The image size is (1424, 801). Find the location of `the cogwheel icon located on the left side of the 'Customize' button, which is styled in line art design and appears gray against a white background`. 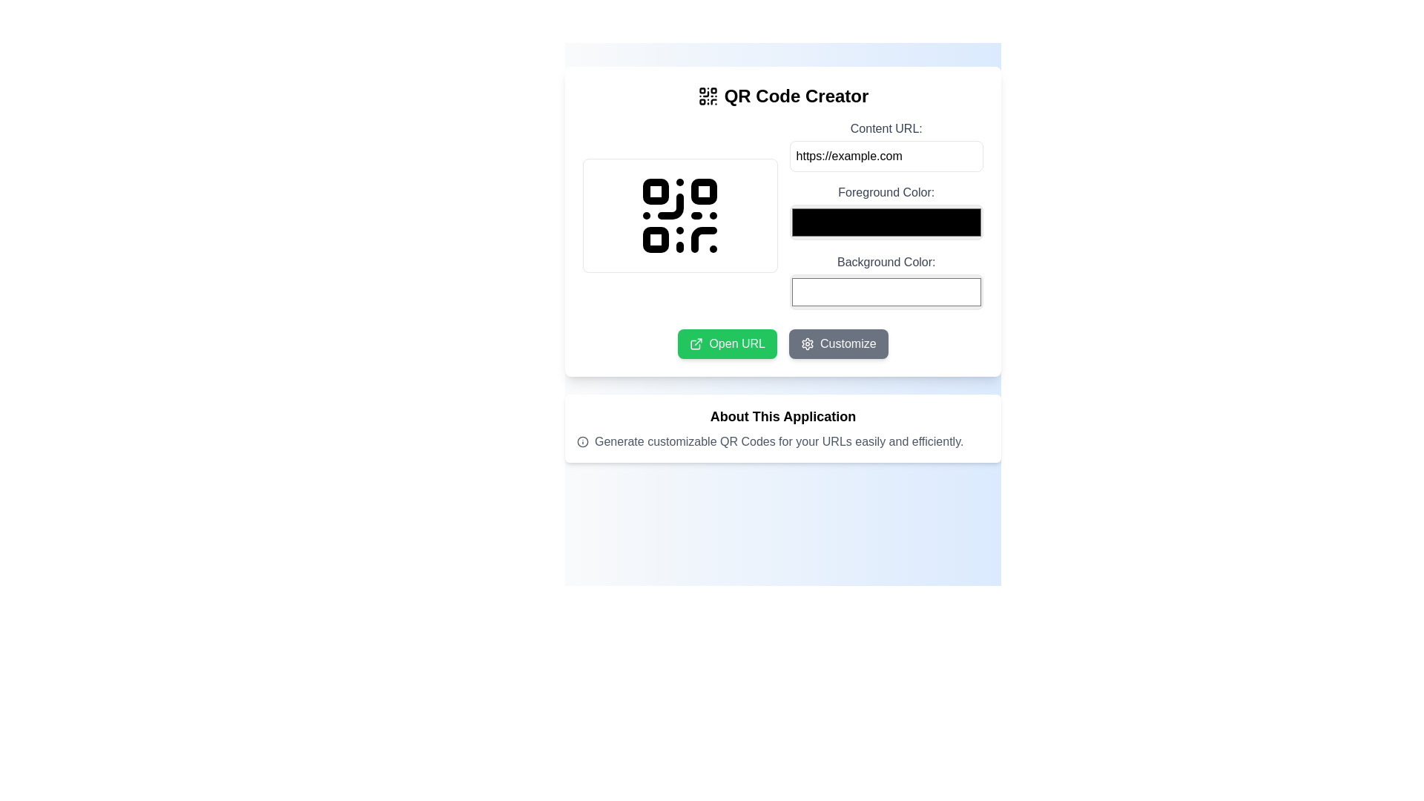

the cogwheel icon located on the left side of the 'Customize' button, which is styled in line art design and appears gray against a white background is located at coordinates (807, 343).